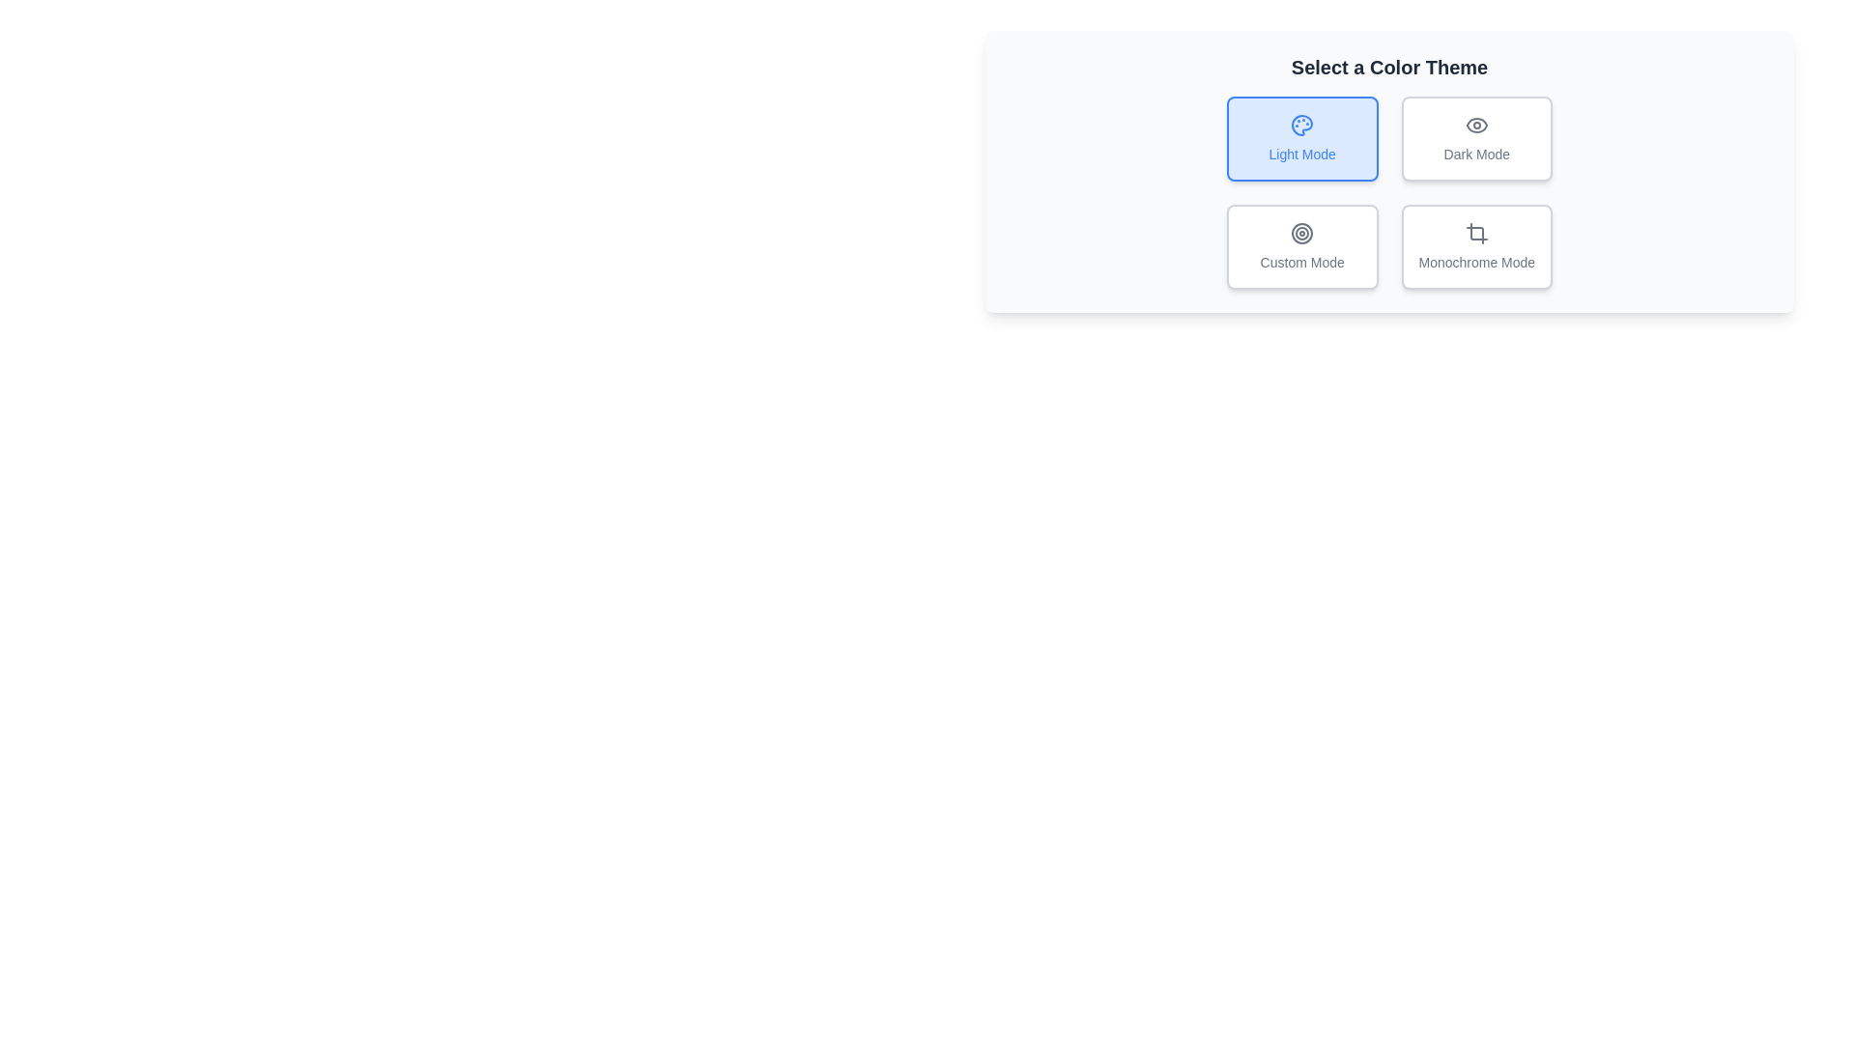 The height and width of the screenshot is (1043, 1855). What do you see at coordinates (1302, 245) in the screenshot?
I see `the button corresponding to Custom Mode to observe visual feedback` at bounding box center [1302, 245].